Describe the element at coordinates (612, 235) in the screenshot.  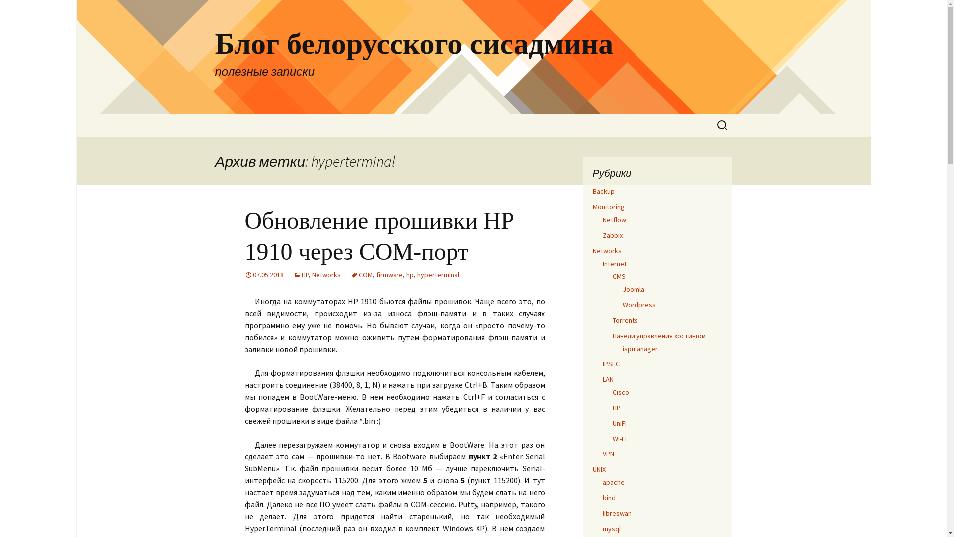
I see `'Zabbix'` at that location.